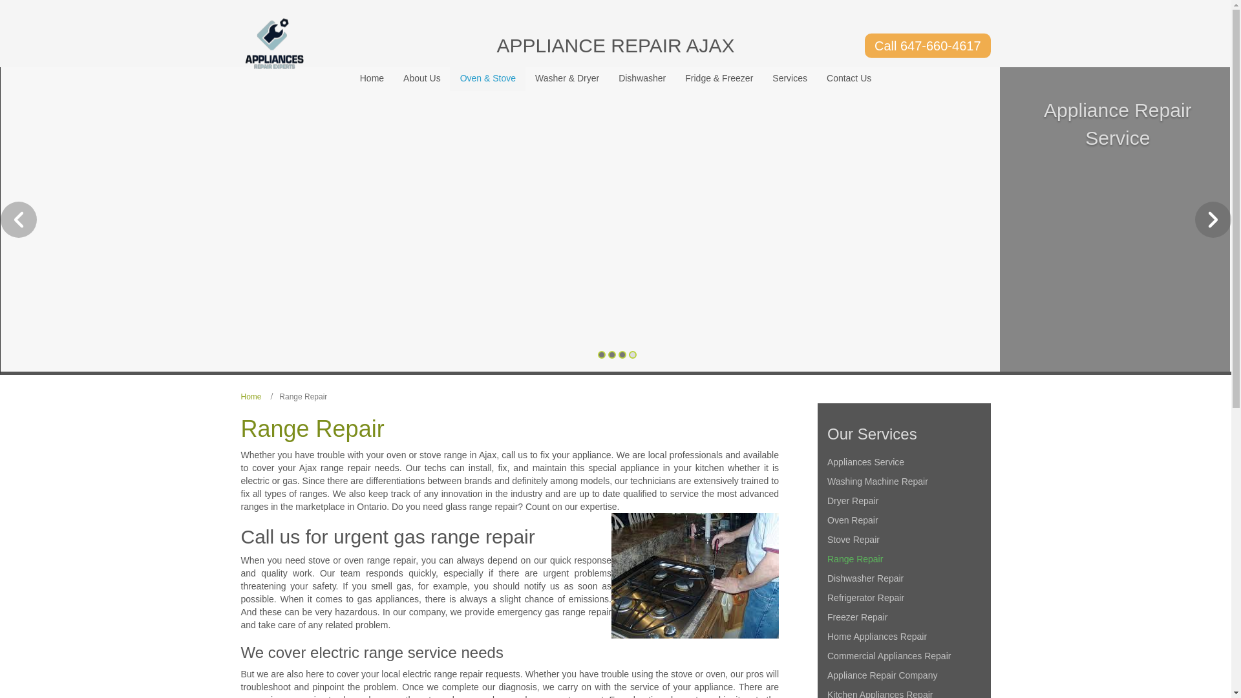 This screenshot has width=1241, height=698. I want to click on 'Refrigerator Repair', so click(903, 598).